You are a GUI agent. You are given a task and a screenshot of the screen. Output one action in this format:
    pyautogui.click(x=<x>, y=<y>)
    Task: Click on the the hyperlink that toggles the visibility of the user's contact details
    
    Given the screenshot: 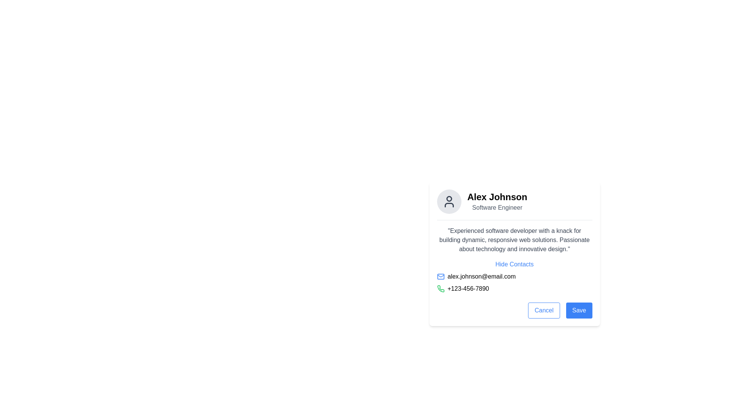 What is the action you would take?
    pyautogui.click(x=514, y=264)
    